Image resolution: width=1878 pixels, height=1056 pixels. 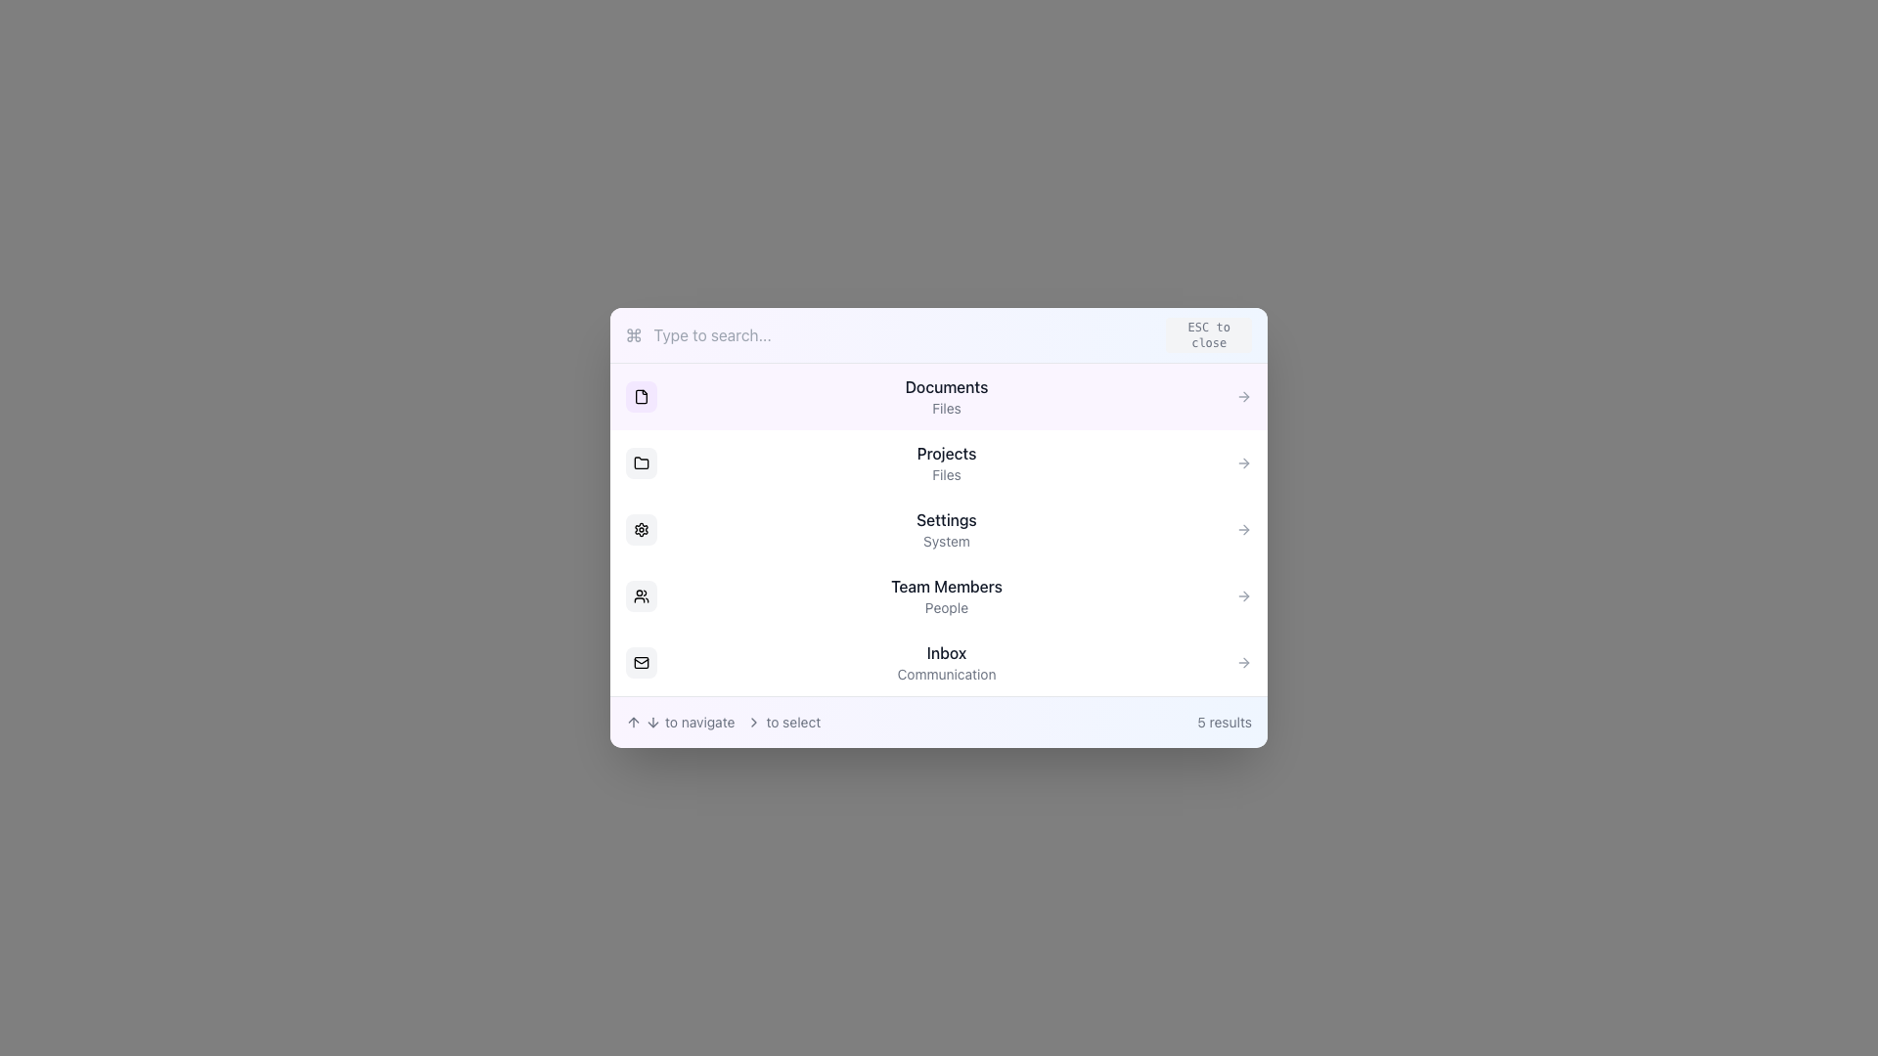 What do you see at coordinates (1244, 463) in the screenshot?
I see `the navigation indicator arrow pointing right, located in the 'Projects' row of the menu panel` at bounding box center [1244, 463].